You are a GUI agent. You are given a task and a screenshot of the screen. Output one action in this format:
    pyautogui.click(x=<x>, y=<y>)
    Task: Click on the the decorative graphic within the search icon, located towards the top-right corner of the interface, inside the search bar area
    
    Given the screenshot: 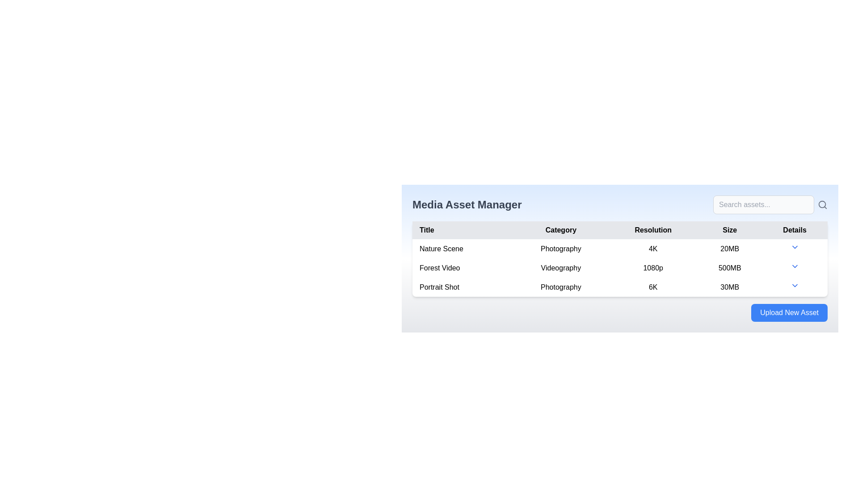 What is the action you would take?
    pyautogui.click(x=822, y=204)
    